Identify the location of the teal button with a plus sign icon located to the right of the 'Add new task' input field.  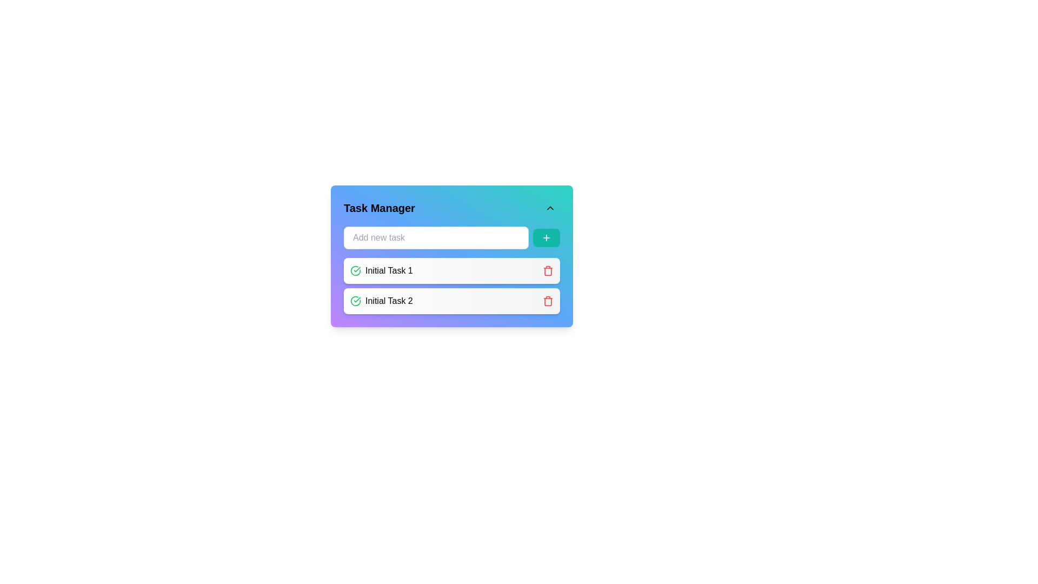
(547, 237).